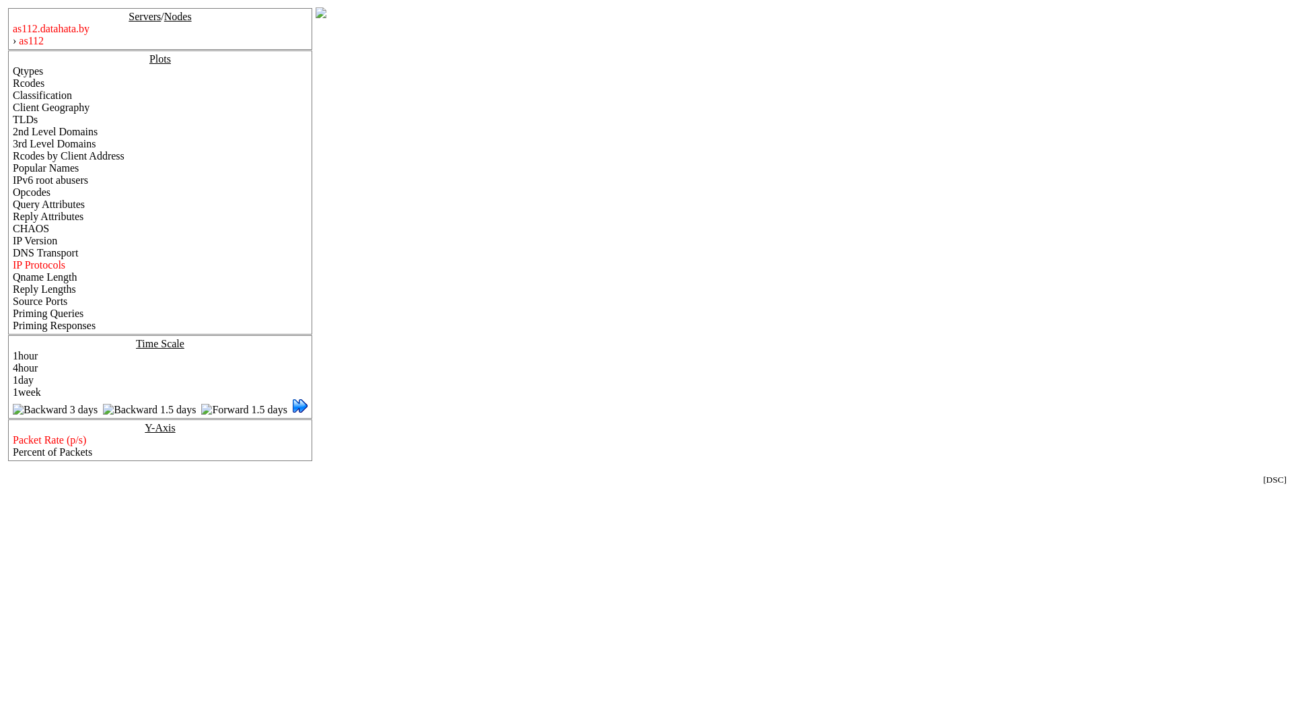 This screenshot has height=727, width=1292. I want to click on 'Forward 3 days', so click(299, 409).